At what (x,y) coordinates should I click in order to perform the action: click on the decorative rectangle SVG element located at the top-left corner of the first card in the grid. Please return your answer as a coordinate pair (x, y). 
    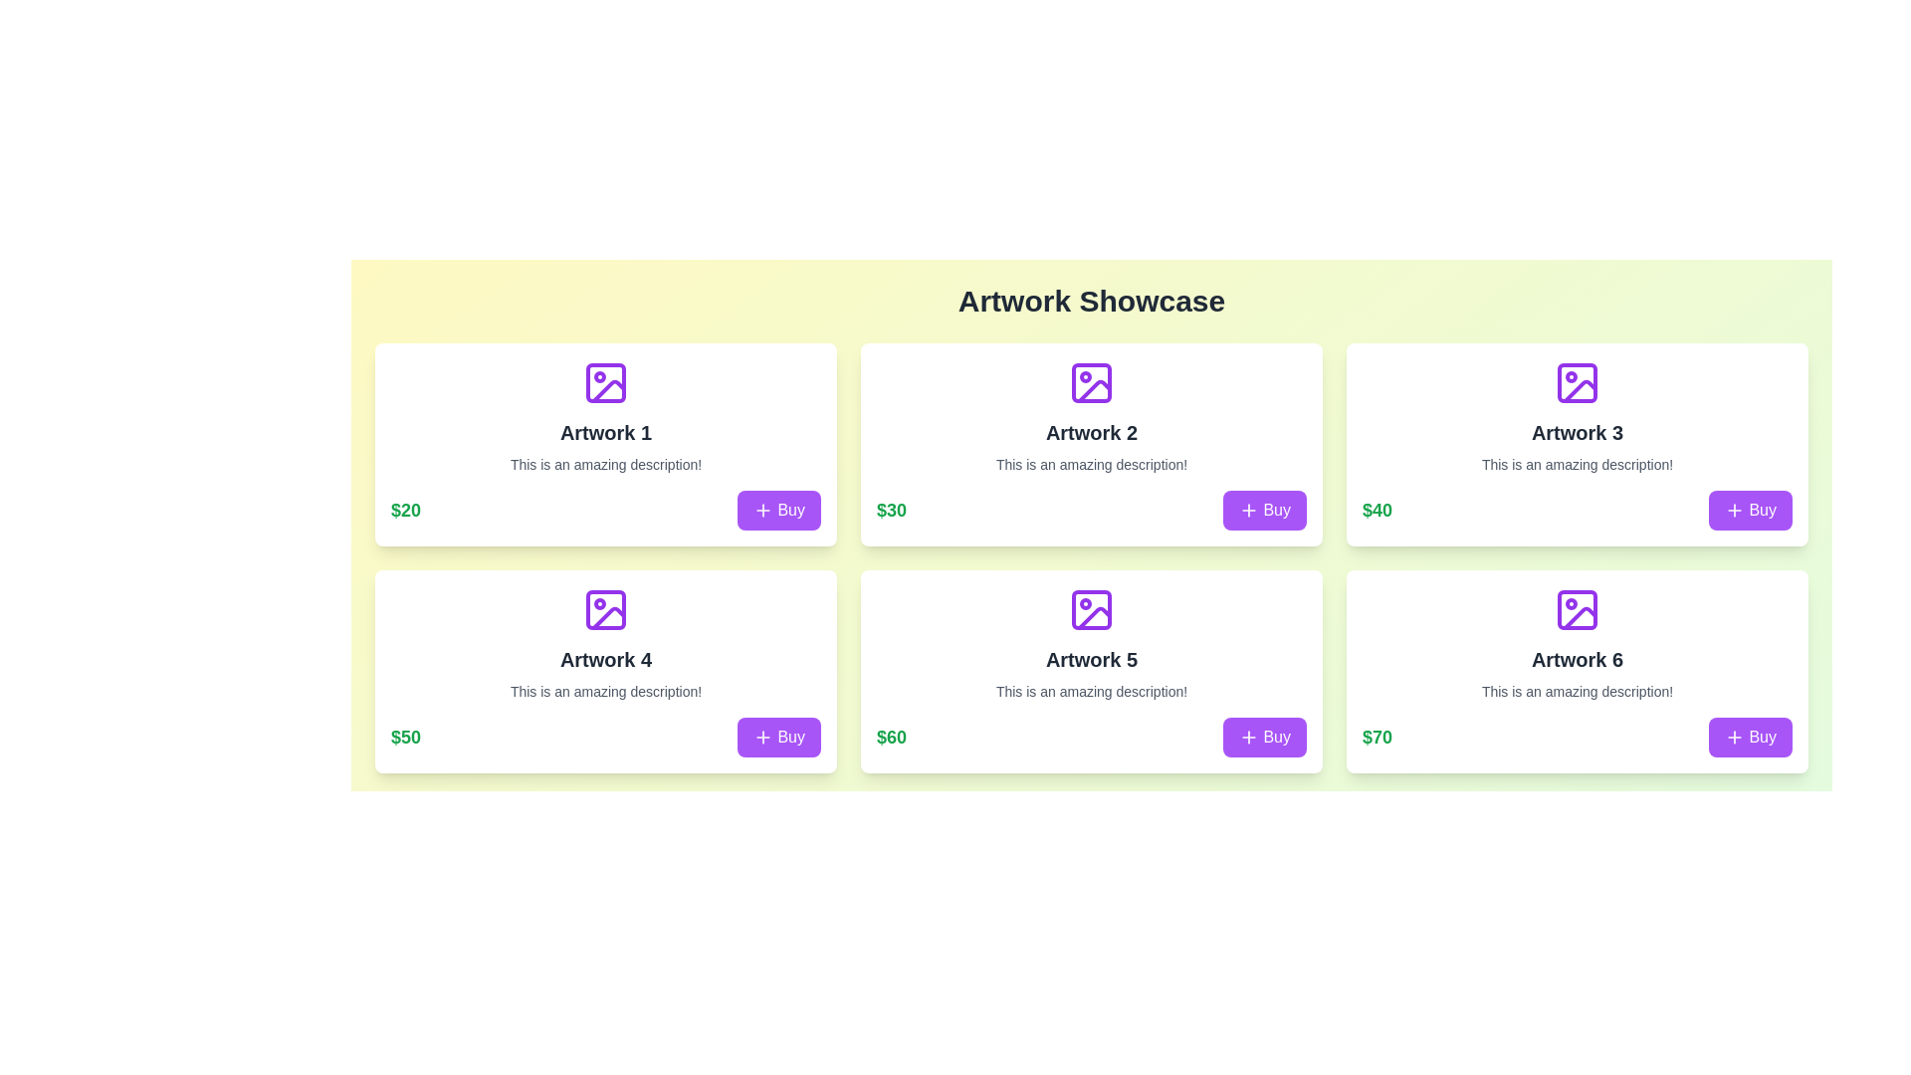
    Looking at the image, I should click on (605, 383).